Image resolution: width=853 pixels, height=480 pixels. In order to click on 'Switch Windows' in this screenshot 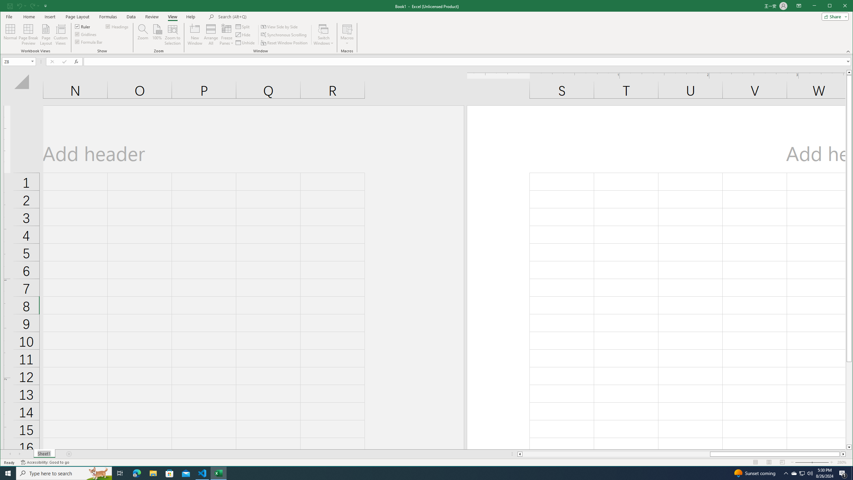, I will do `click(323, 34)`.